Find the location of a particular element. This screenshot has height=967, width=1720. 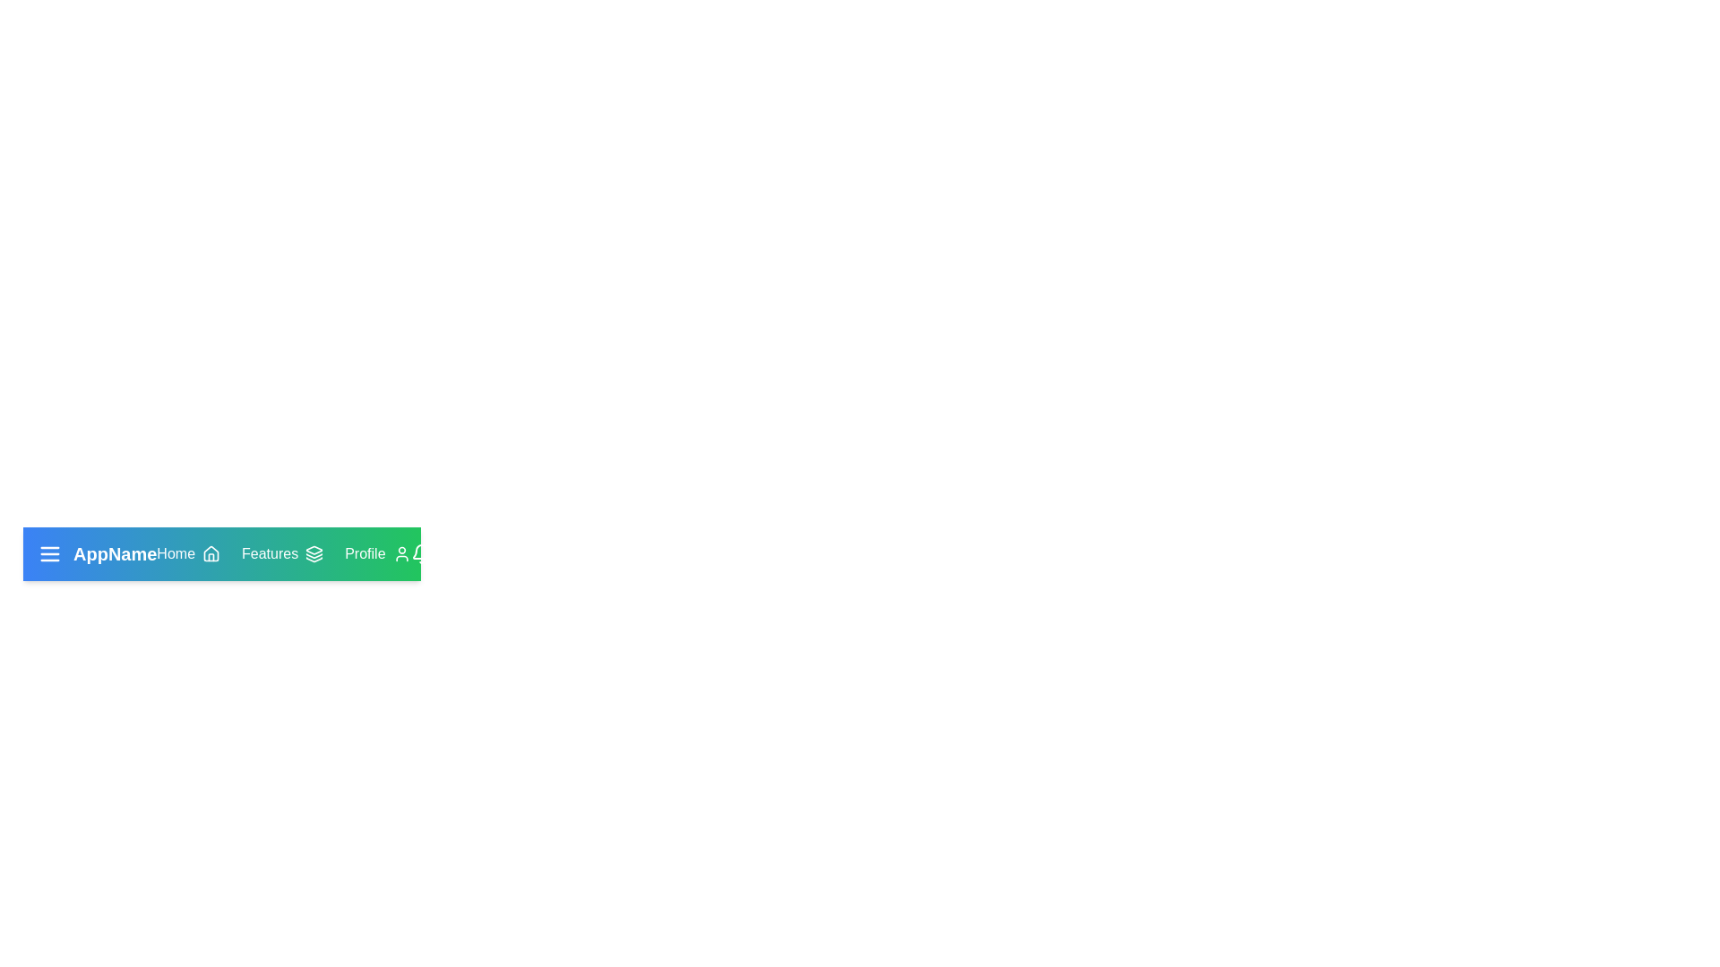

the menu button in the AppBarComponent is located at coordinates (50, 552).